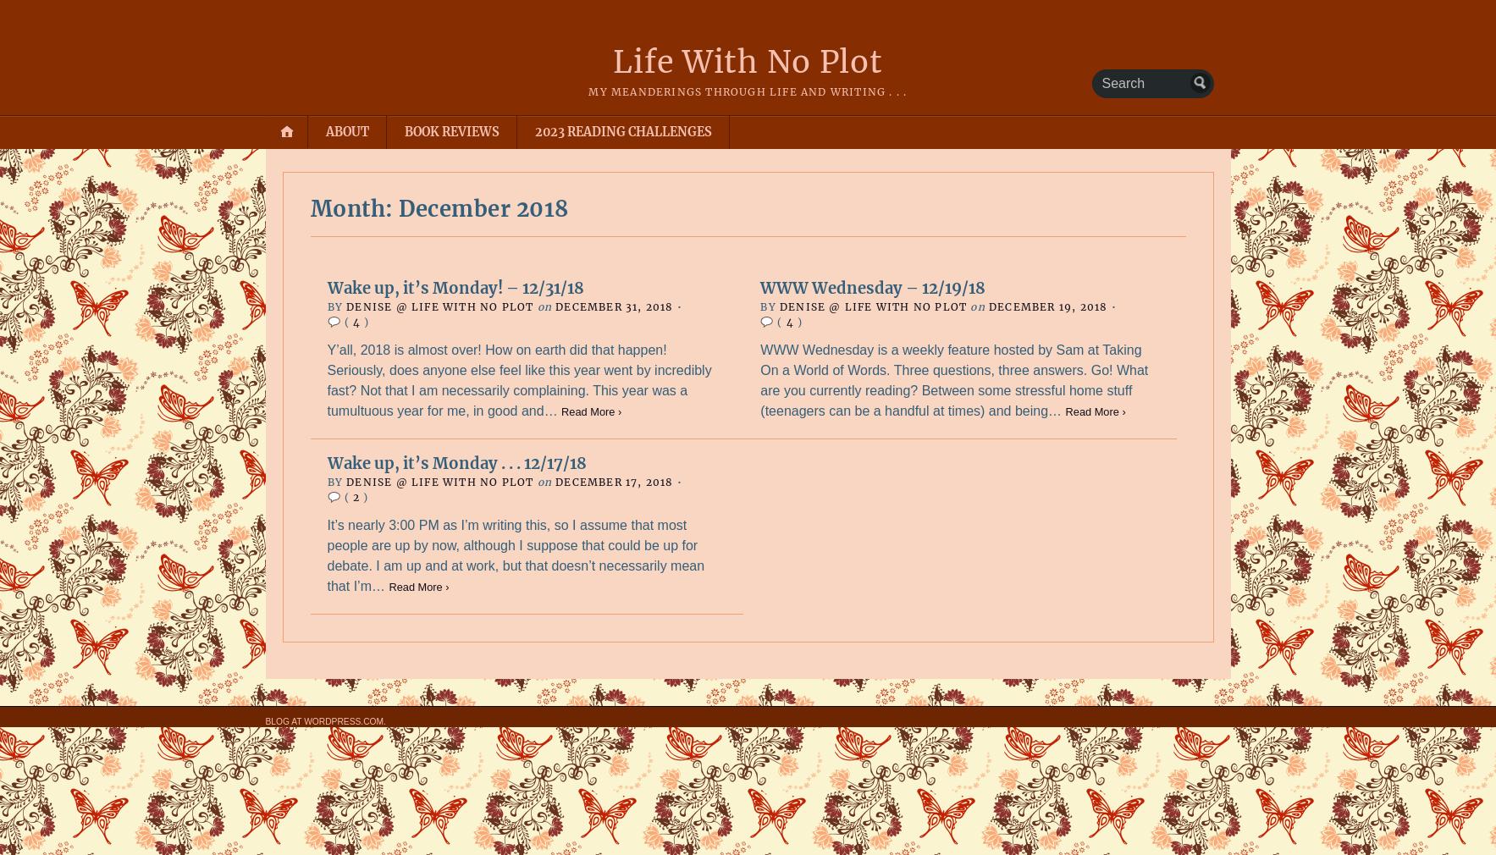  I want to click on 'WWW Wednesday is a weekly feature hosted by Sam at Taking On a World of Words. Three questions, three answers. Go! What are you currently reading? Between some stressful home stuff (teenagers can be a handful at times) and being…', so click(953, 379).